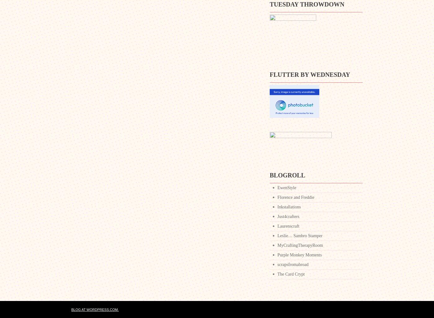  I want to click on 'Laurenscraft', so click(288, 226).